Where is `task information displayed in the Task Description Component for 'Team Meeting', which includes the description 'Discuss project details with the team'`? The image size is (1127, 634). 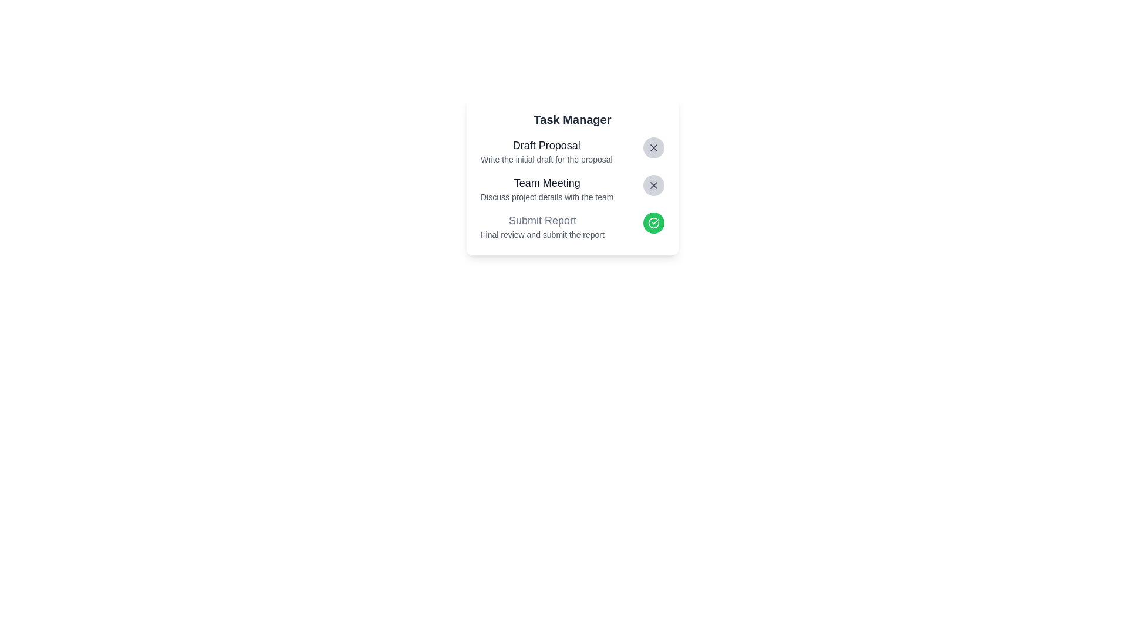
task information displayed in the Task Description Component for 'Team Meeting', which includes the description 'Discuss project details with the team' is located at coordinates (572, 176).